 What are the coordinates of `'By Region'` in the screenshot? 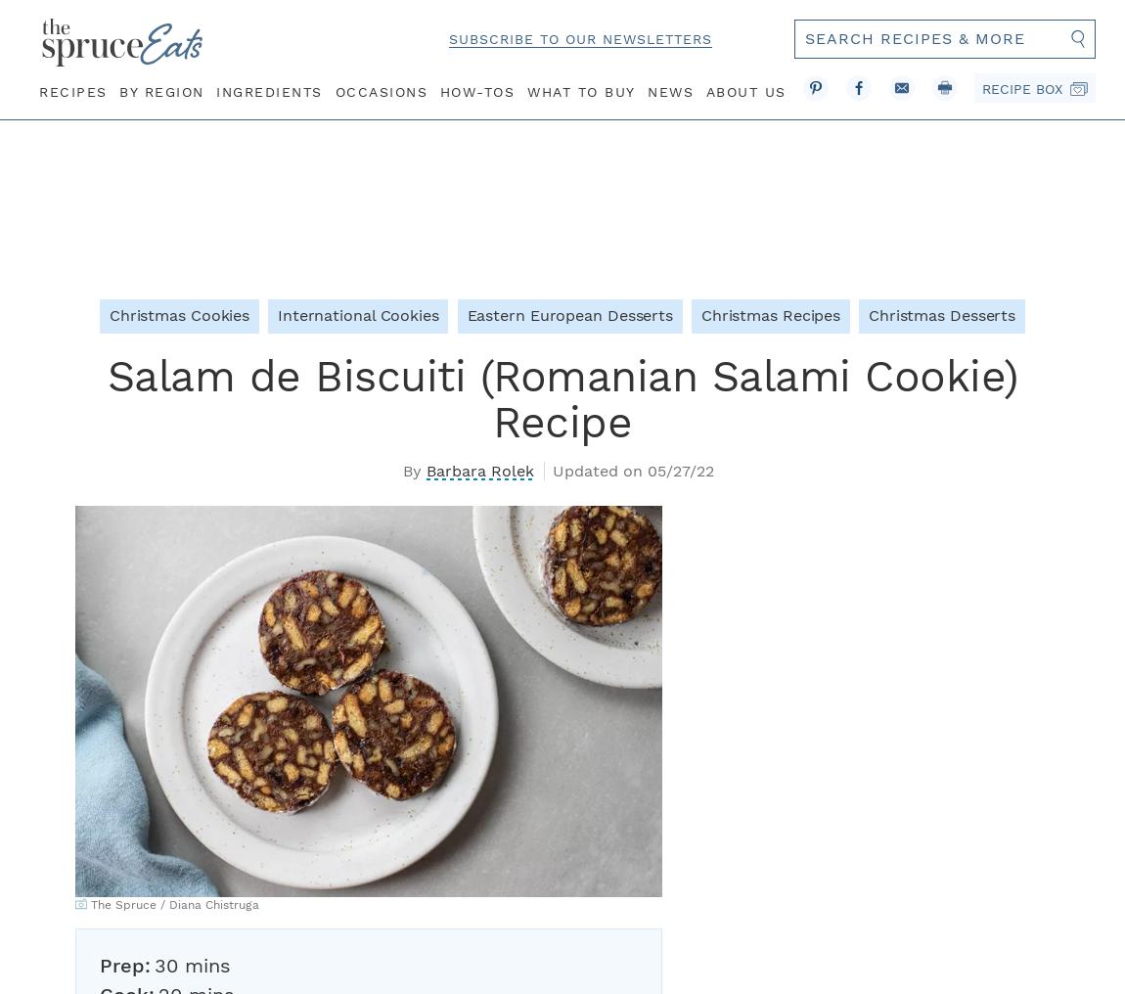 It's located at (160, 90).